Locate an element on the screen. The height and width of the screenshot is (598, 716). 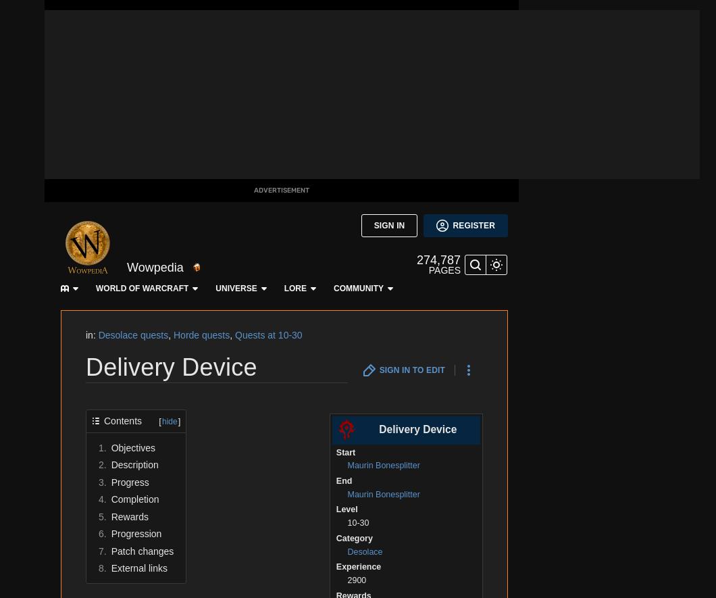
'Anime' is located at coordinates (22, 241).